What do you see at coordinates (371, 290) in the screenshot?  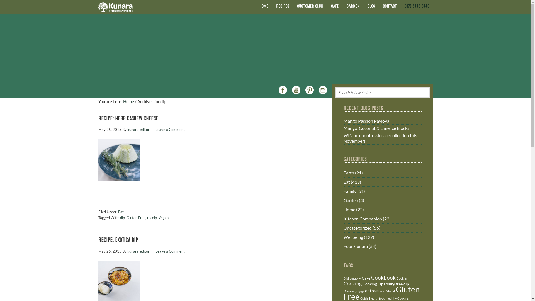 I see `'entree'` at bounding box center [371, 290].